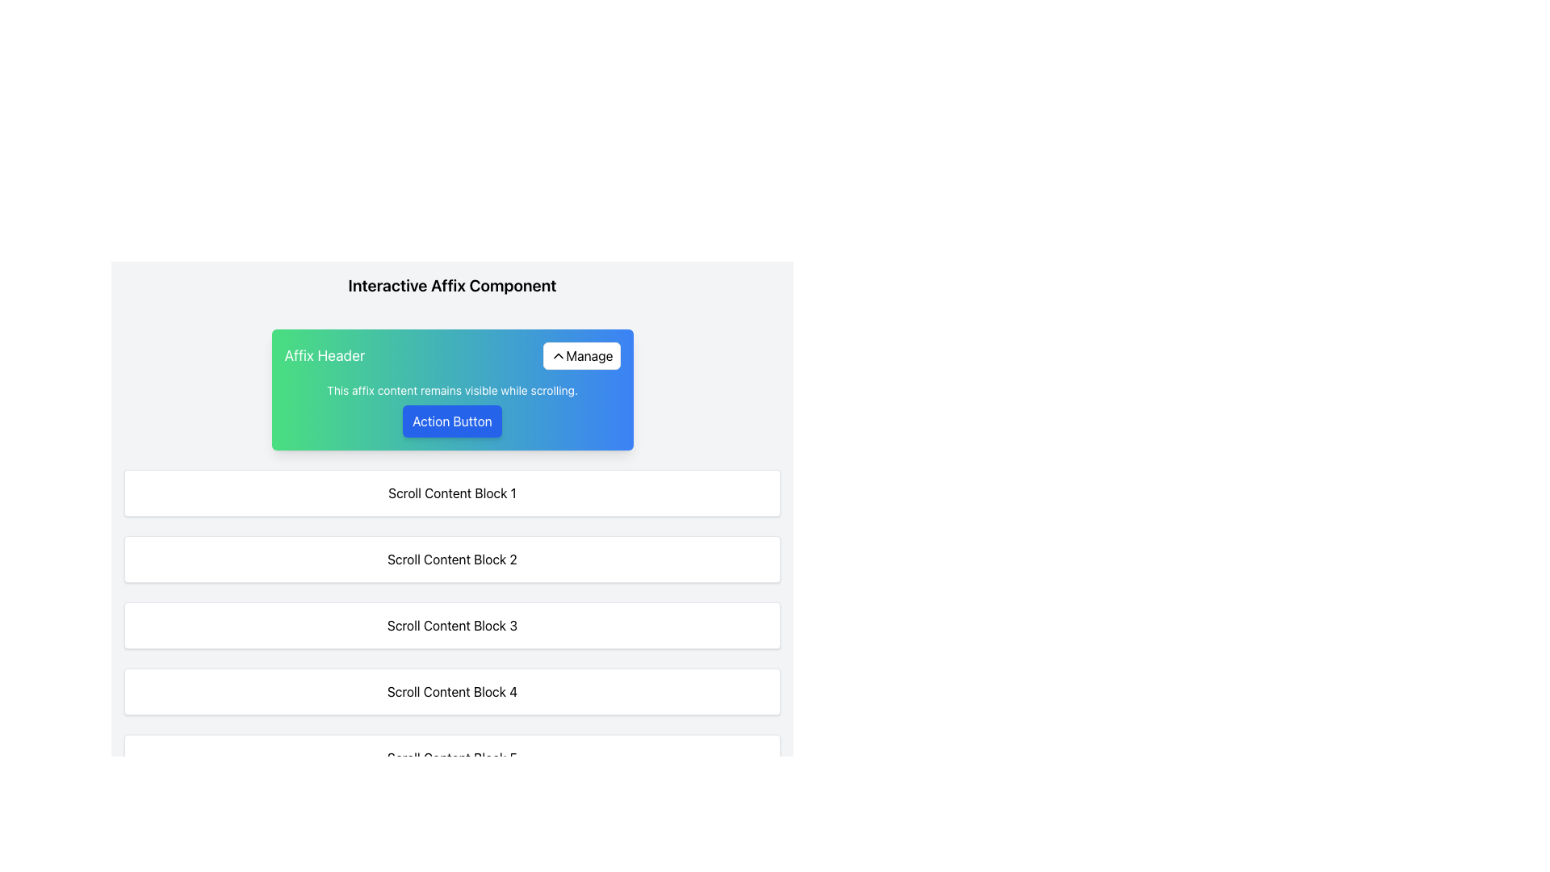 The width and height of the screenshot is (1550, 872). Describe the element at coordinates (558, 354) in the screenshot. I see `the chevron up icon located in the top-right region of the interface's content panel, positioned` at that location.